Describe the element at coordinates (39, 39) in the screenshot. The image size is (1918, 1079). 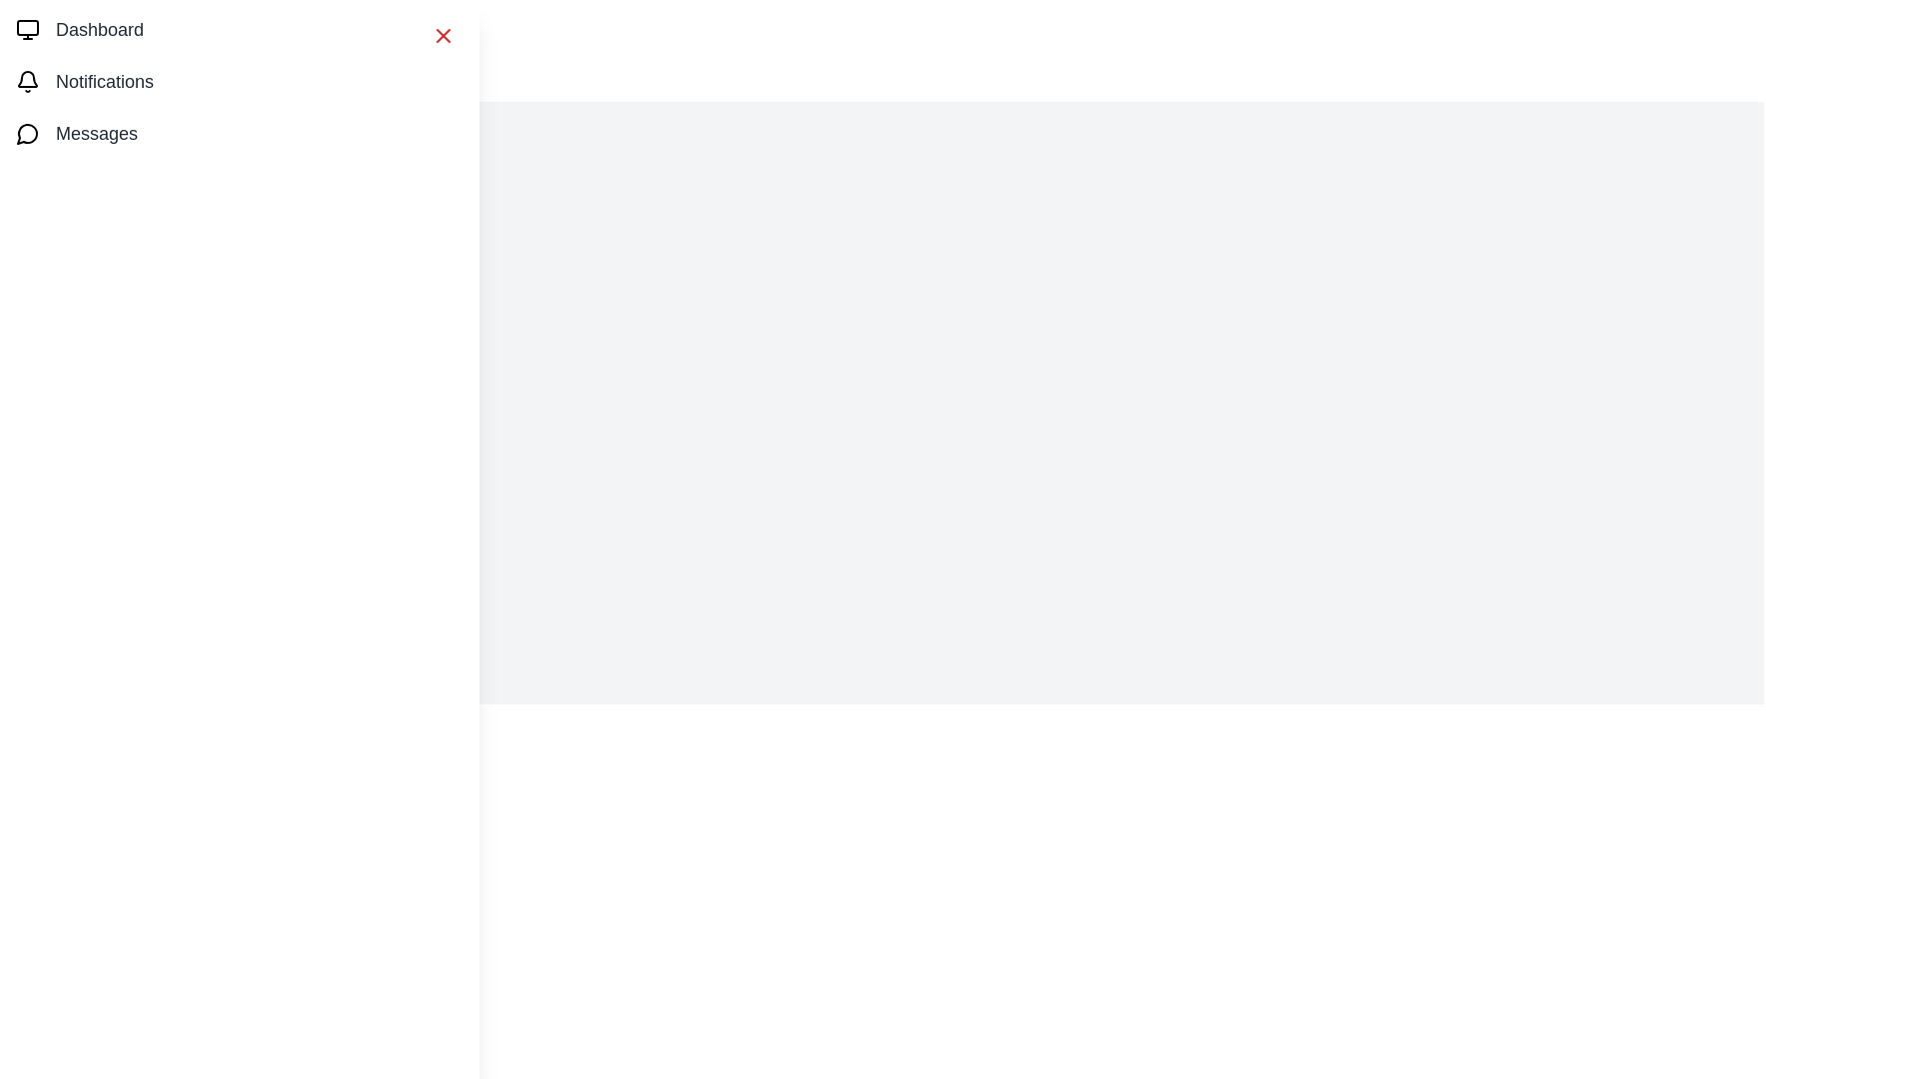
I see `the menu button to open the drawer` at that location.